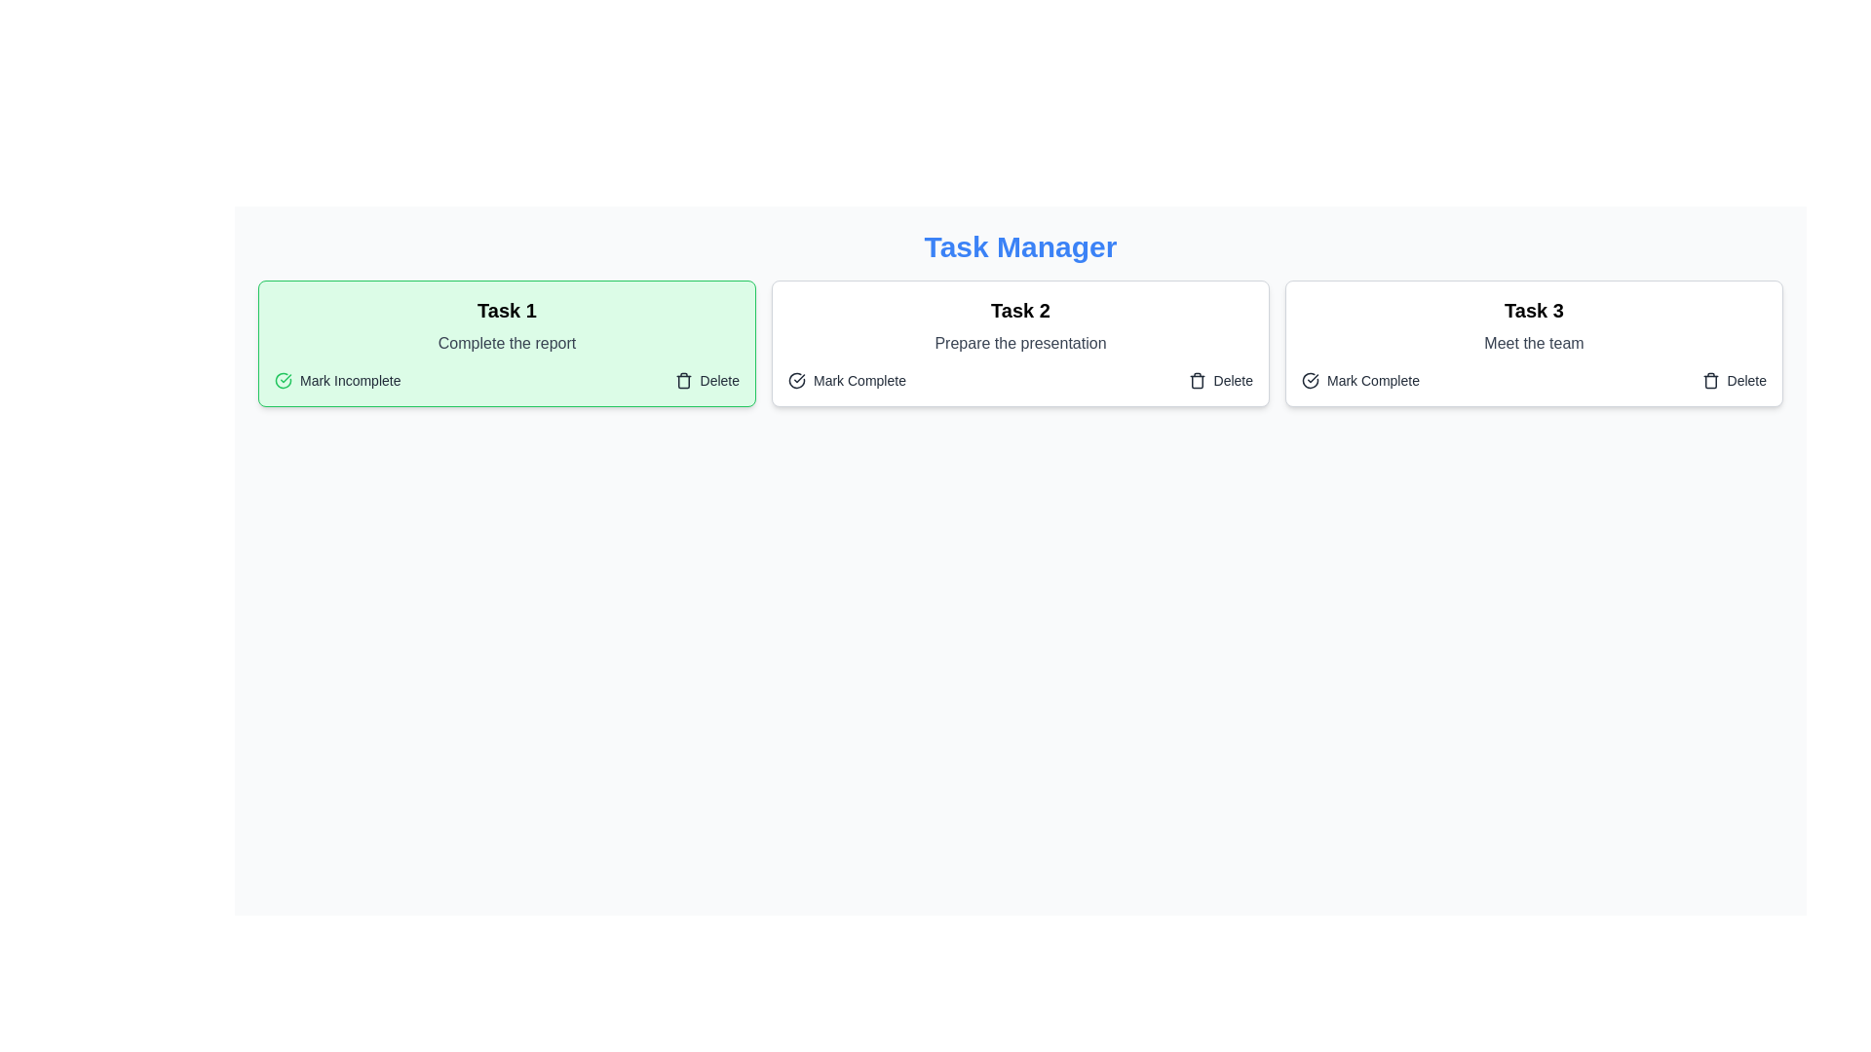  I want to click on the circular green checkmark icon located next to the 'Mark Incomplete' label, so click(283, 380).